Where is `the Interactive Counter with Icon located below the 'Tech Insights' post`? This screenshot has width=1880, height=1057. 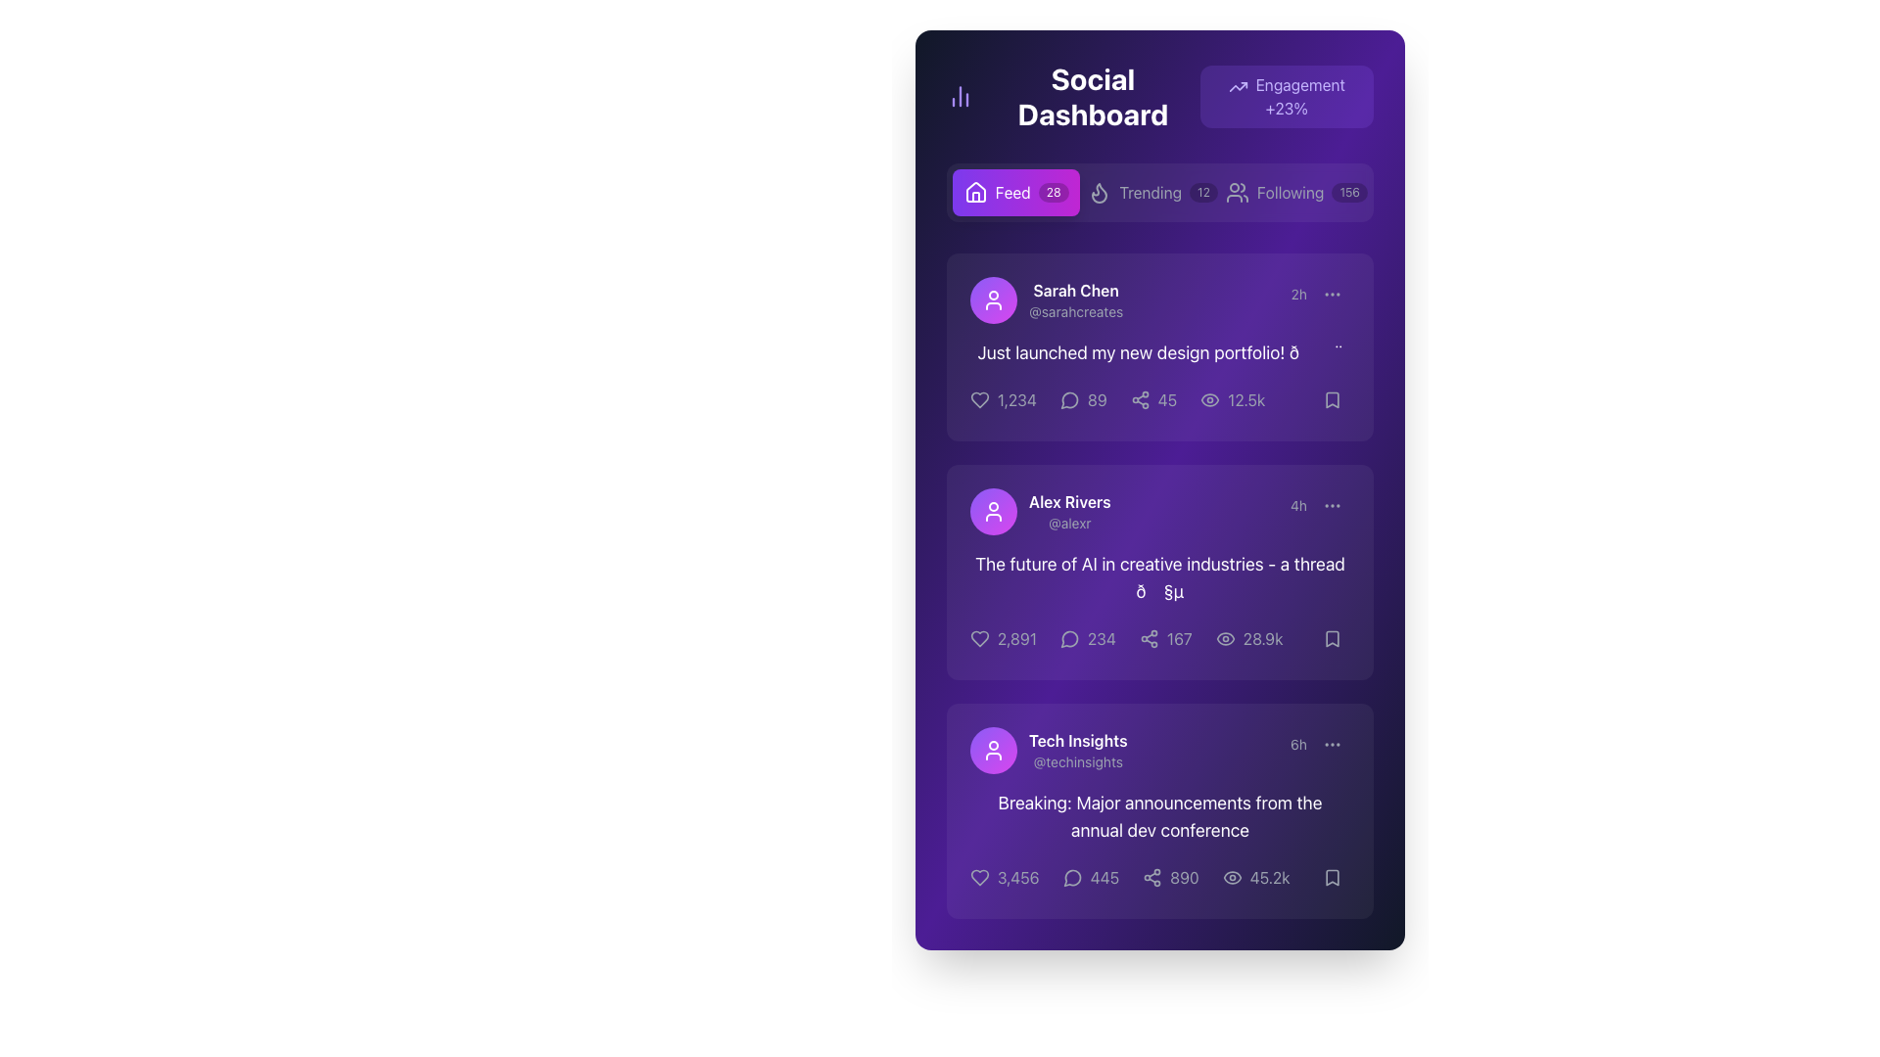 the Interactive Counter with Icon located below the 'Tech Insights' post is located at coordinates (1090, 877).